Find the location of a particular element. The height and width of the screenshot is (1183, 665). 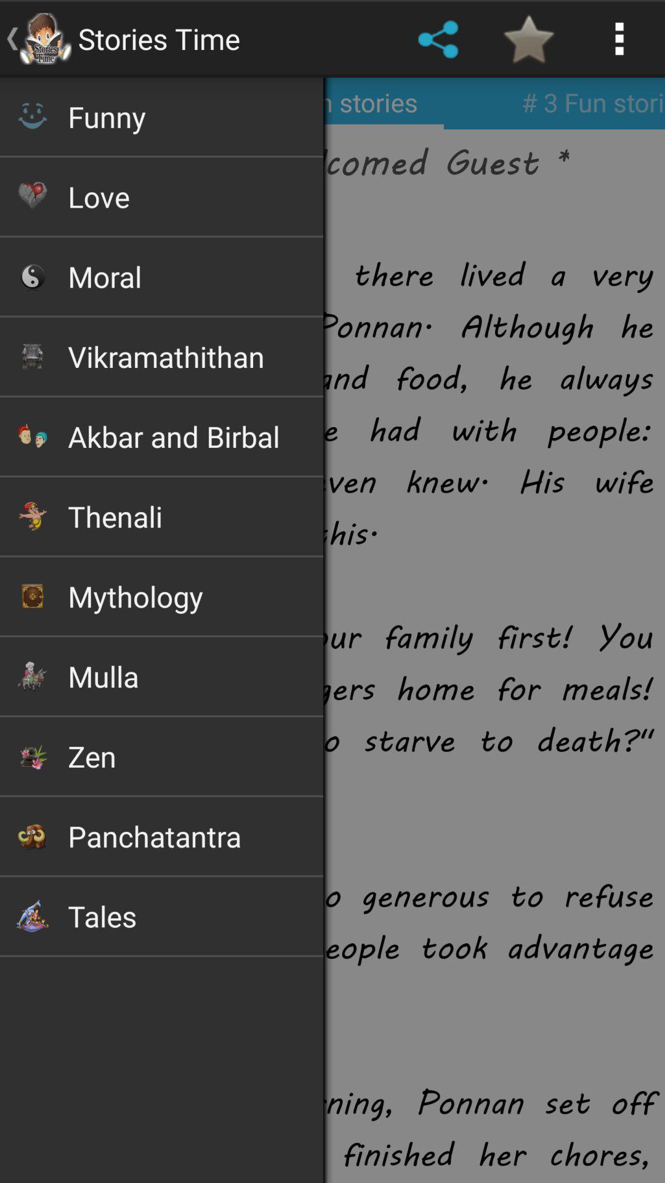

image left side of panchatantra is located at coordinates (31, 835).